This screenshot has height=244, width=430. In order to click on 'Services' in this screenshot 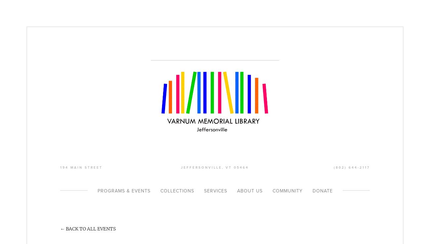, I will do `click(215, 191)`.